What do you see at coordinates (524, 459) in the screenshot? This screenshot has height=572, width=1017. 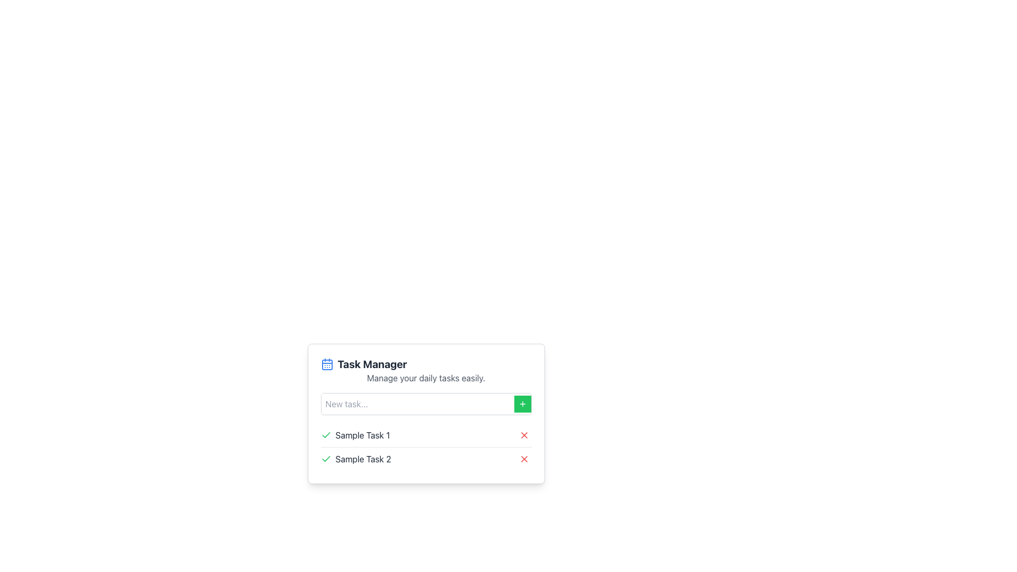 I see `the bold red 'X' icon button located at the far right of the row for 'Sample Task 2'` at bounding box center [524, 459].